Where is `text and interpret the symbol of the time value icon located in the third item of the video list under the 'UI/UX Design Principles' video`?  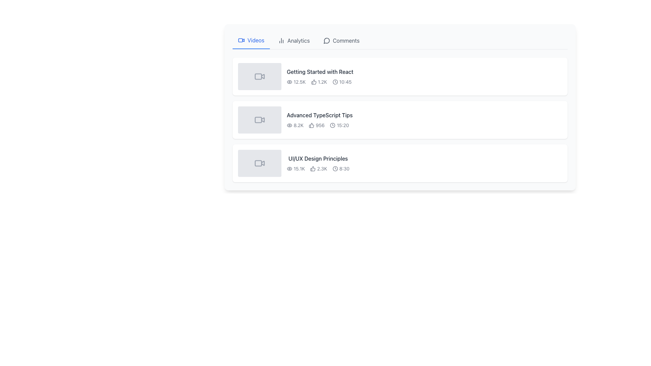
text and interpret the symbol of the time value icon located in the third item of the video list under the 'UI/UX Design Principles' video is located at coordinates (341, 168).